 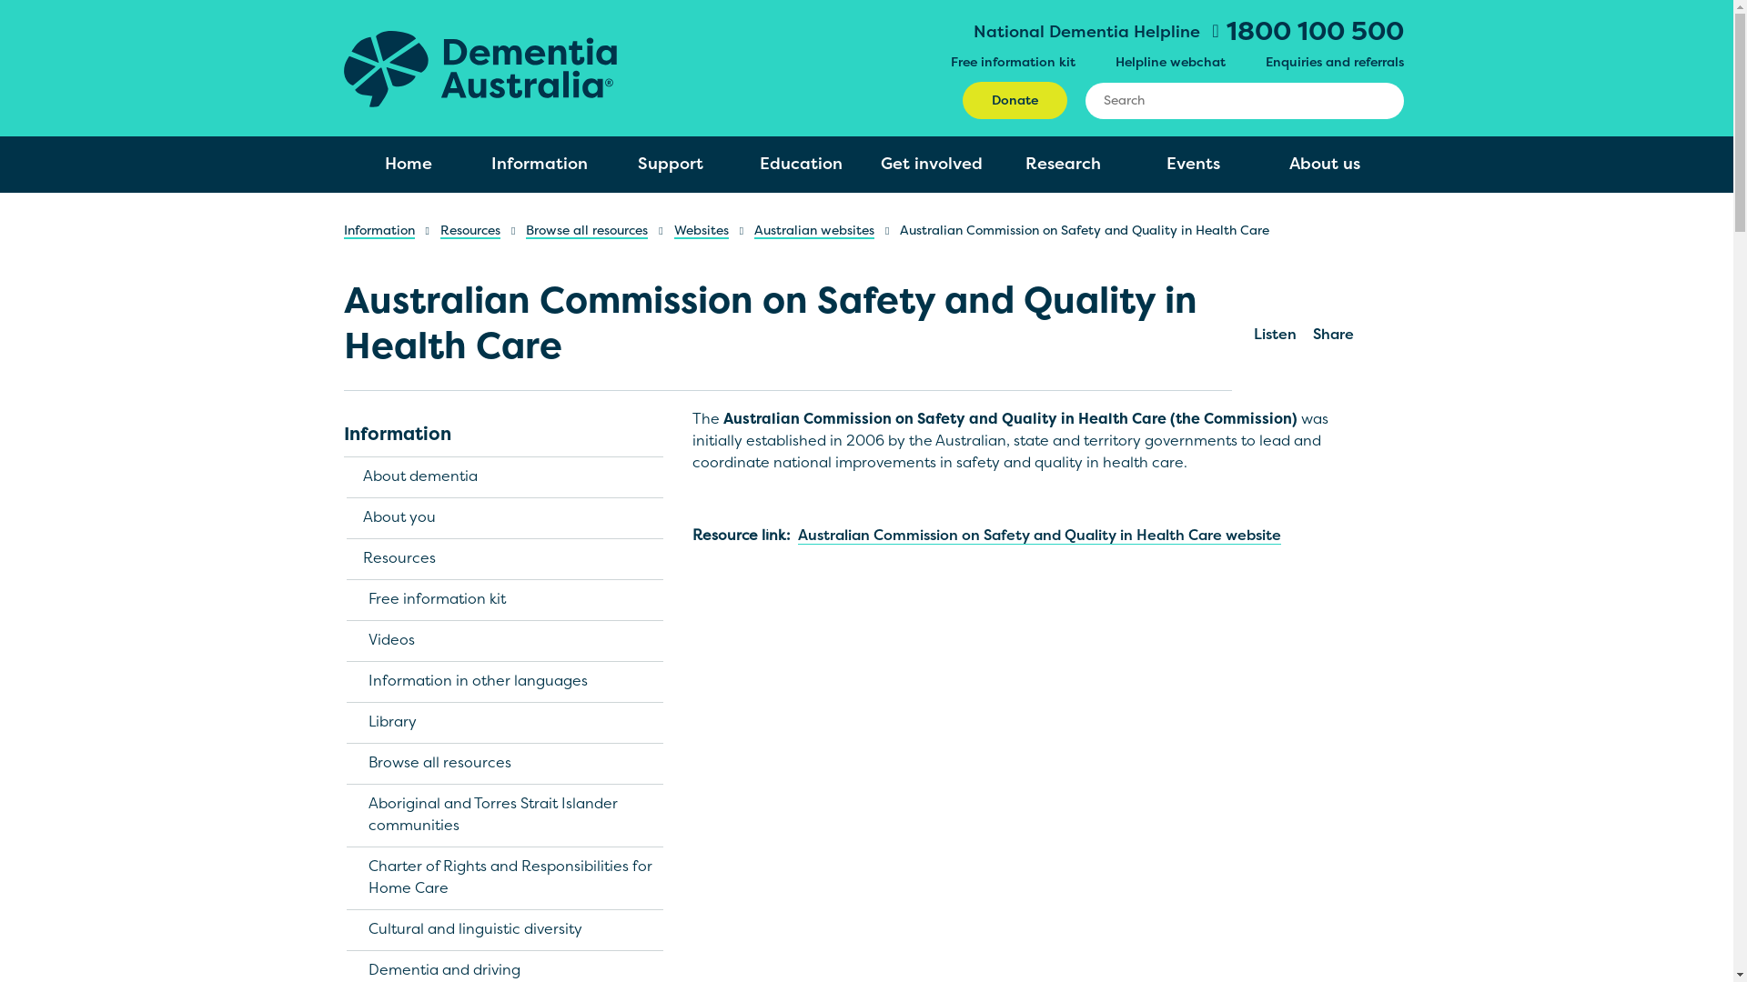 I want to click on 'Events', so click(x=1193, y=165).